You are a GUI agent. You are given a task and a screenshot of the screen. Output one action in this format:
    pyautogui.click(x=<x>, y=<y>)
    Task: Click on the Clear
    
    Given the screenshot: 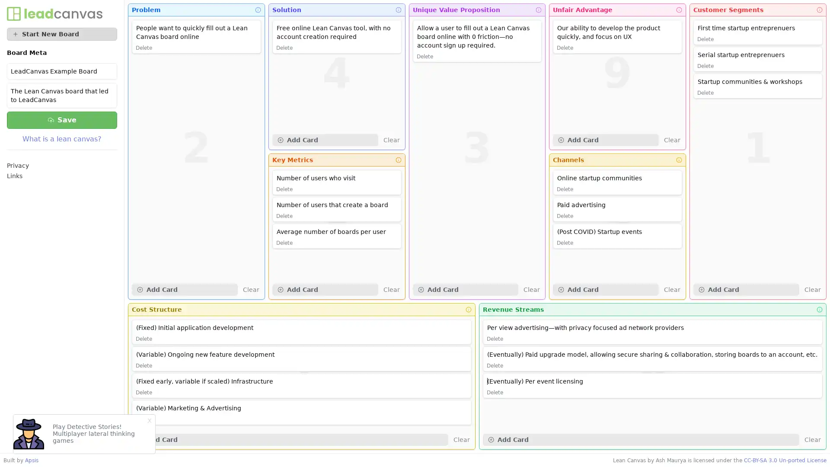 What is the action you would take?
    pyautogui.click(x=531, y=290)
    